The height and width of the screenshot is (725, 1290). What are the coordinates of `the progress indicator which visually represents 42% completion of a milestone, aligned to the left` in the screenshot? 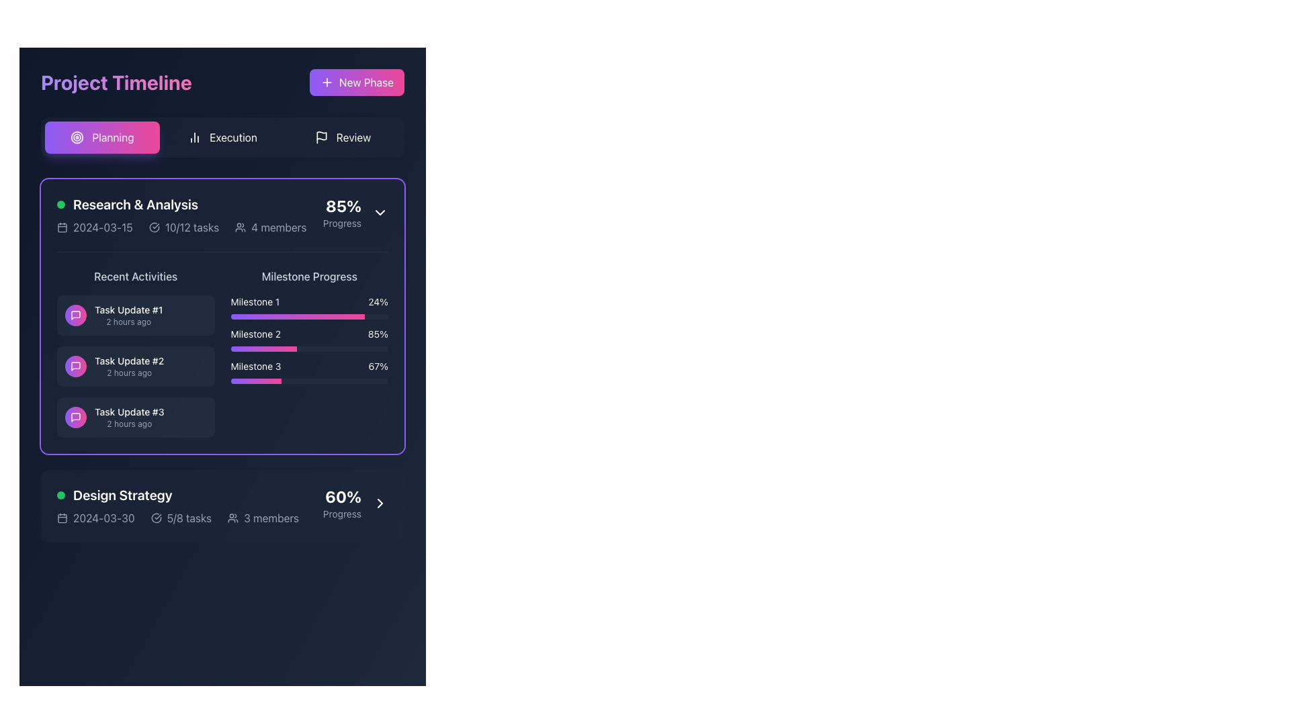 It's located at (263, 348).